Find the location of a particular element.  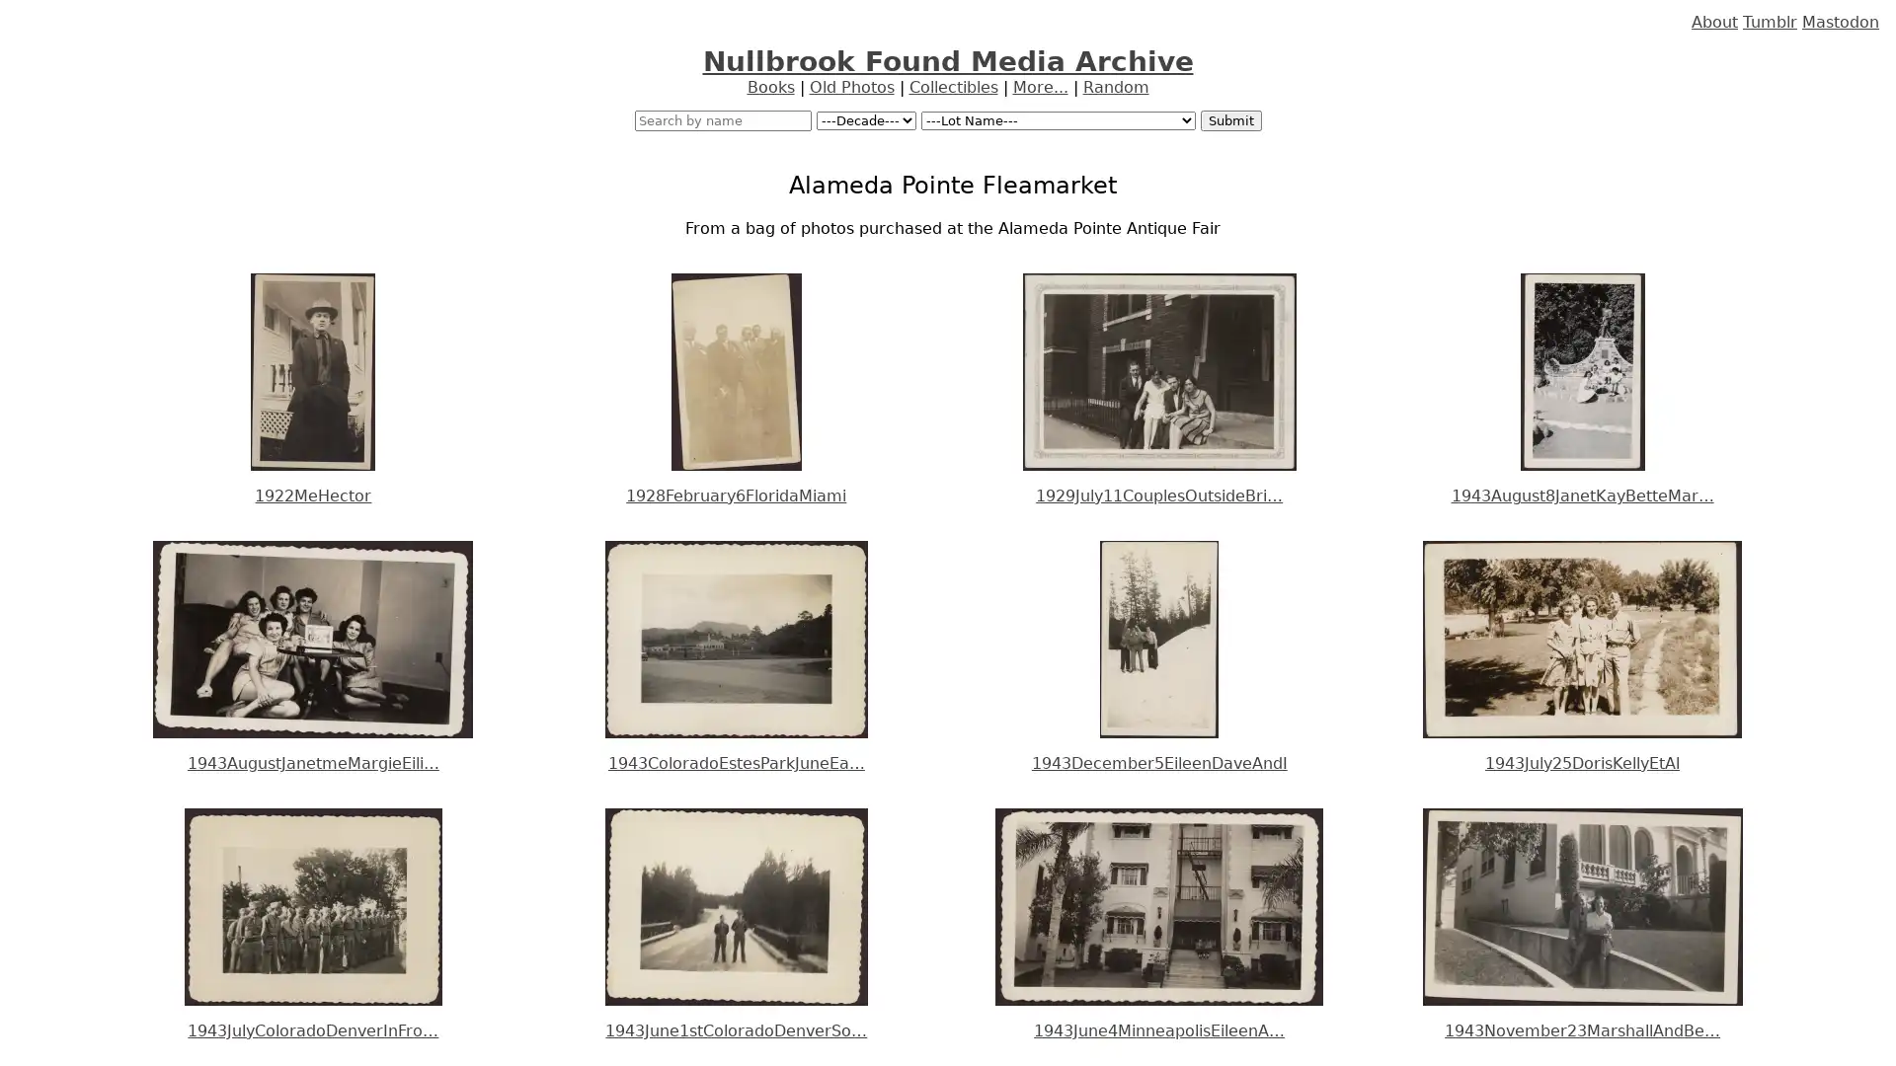

Submit is located at coordinates (1229, 120).